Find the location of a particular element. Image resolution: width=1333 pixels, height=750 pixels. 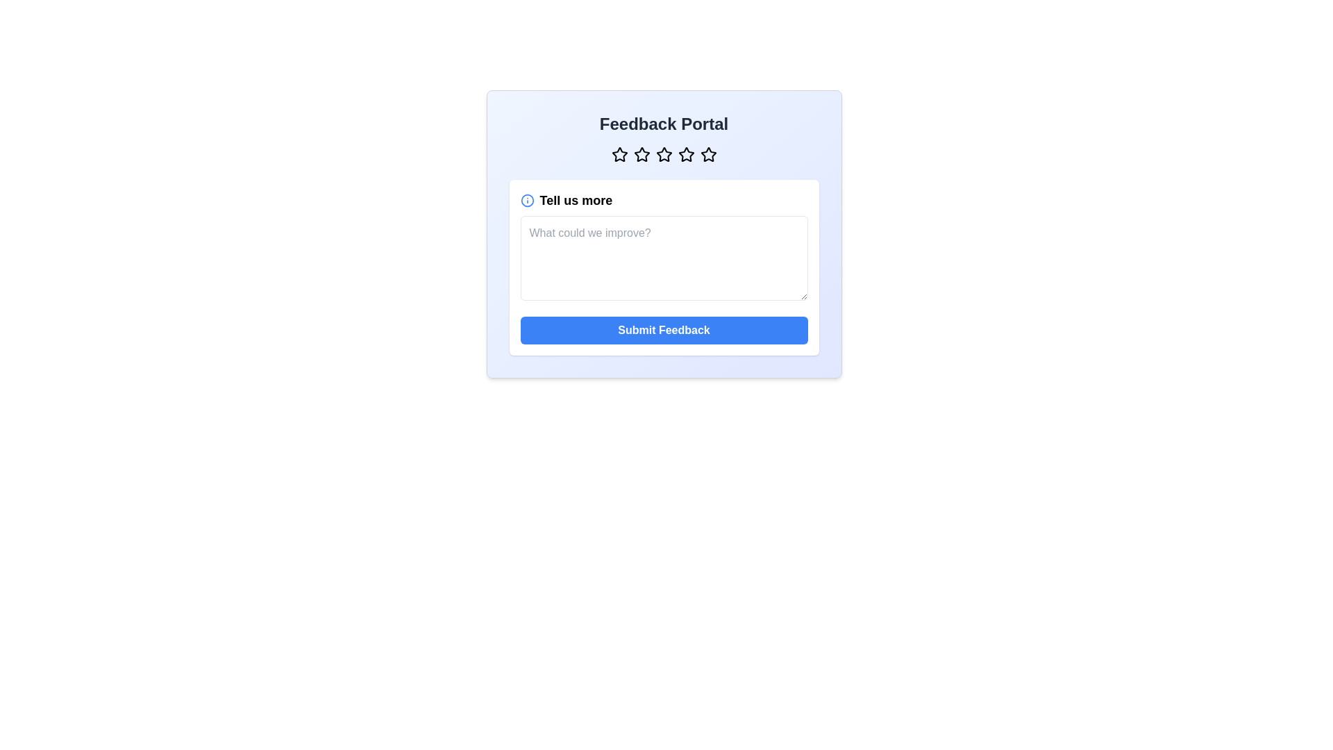

the first Interactive Rating Star Icon is located at coordinates (619, 154).